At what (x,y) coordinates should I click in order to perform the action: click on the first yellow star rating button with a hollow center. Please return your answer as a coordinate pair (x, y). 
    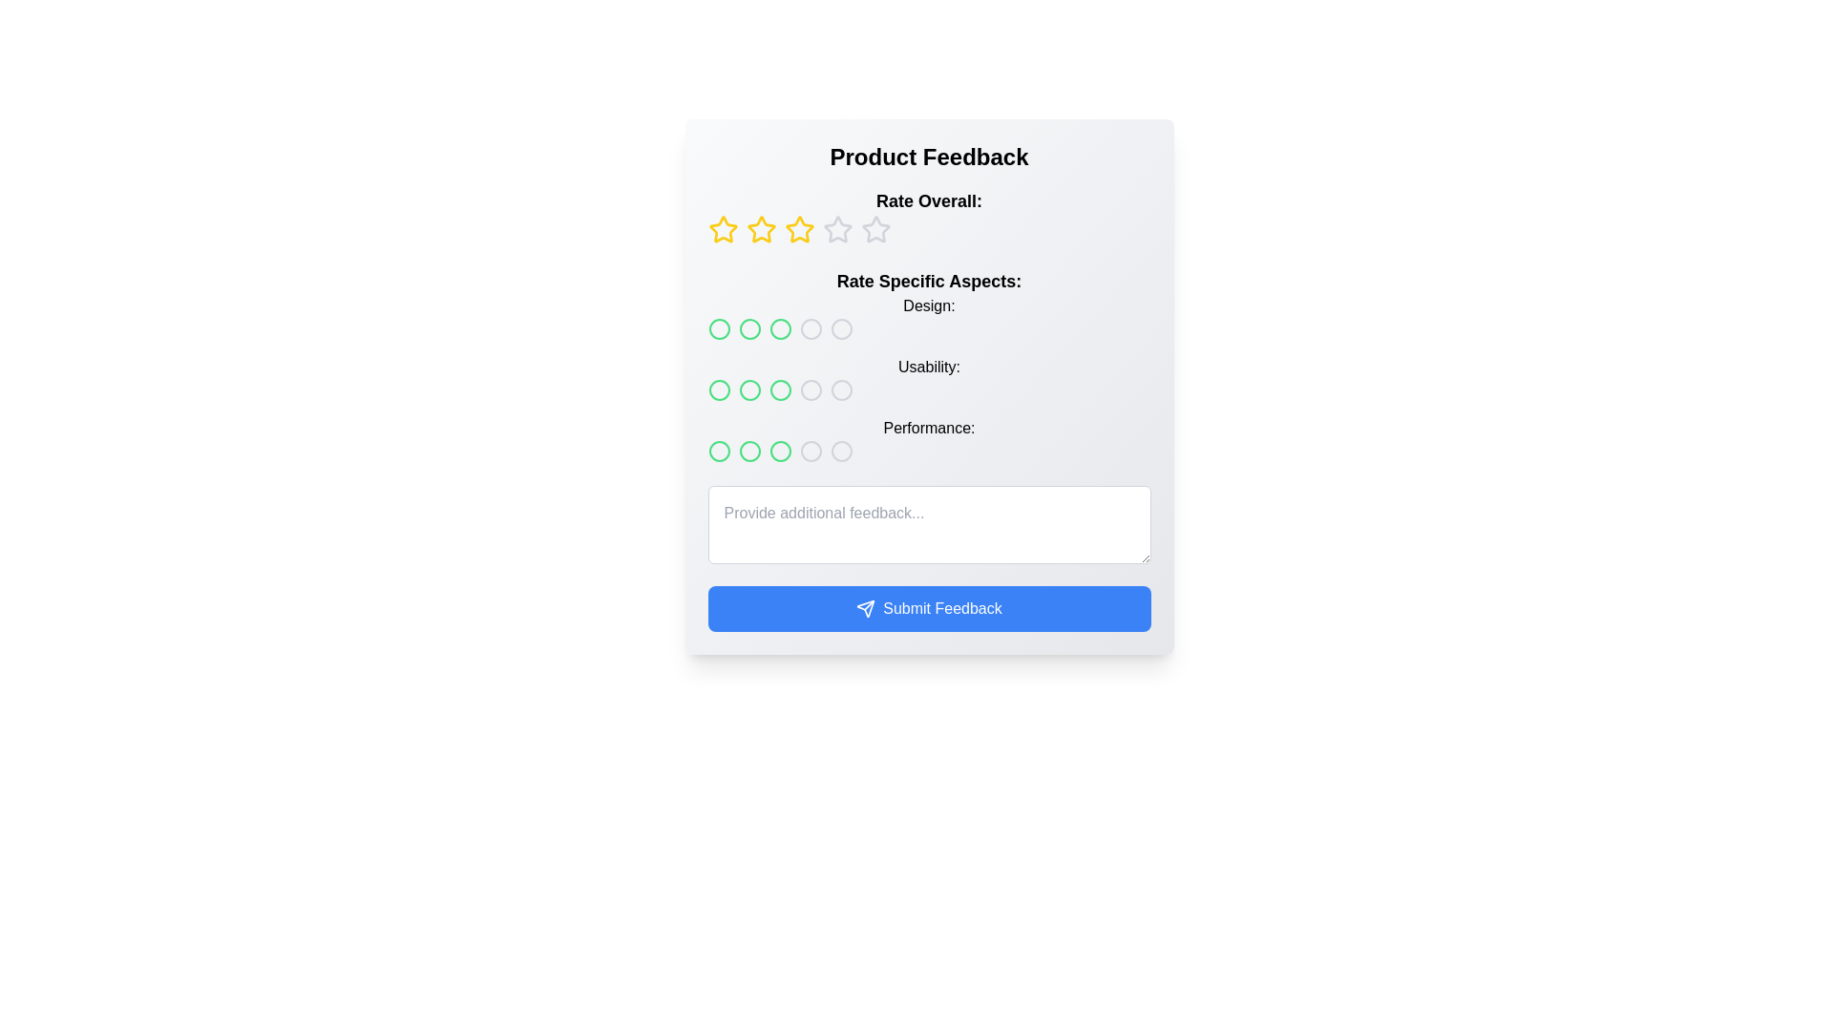
    Looking at the image, I should click on (722, 228).